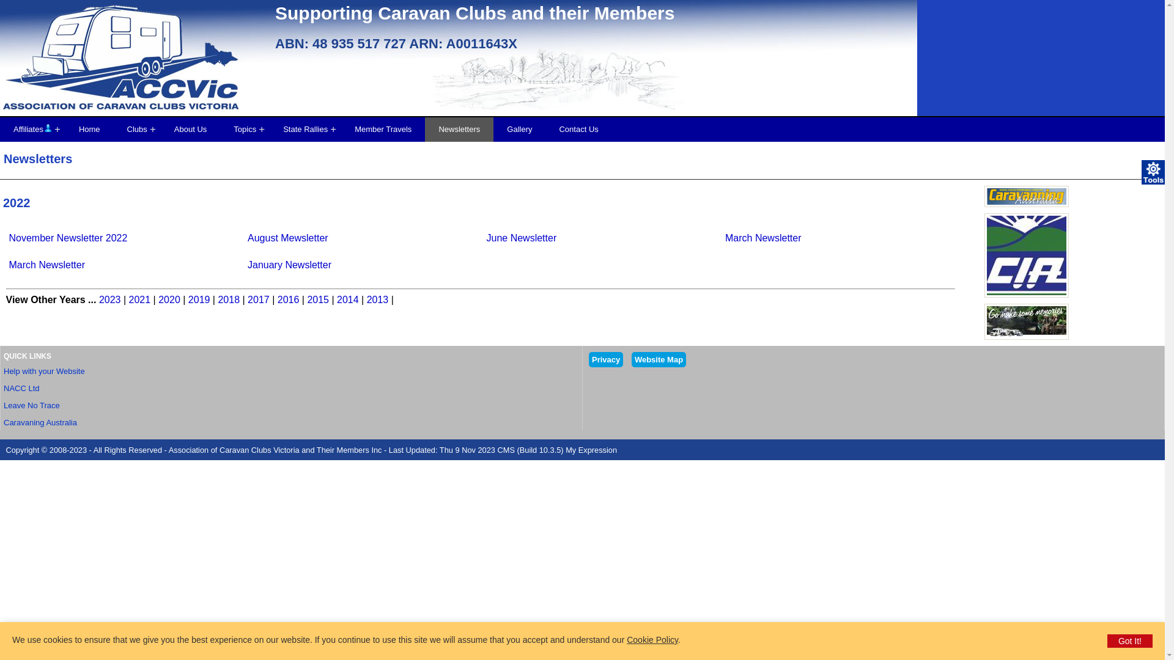  I want to click on 'Clubs', so click(137, 130).